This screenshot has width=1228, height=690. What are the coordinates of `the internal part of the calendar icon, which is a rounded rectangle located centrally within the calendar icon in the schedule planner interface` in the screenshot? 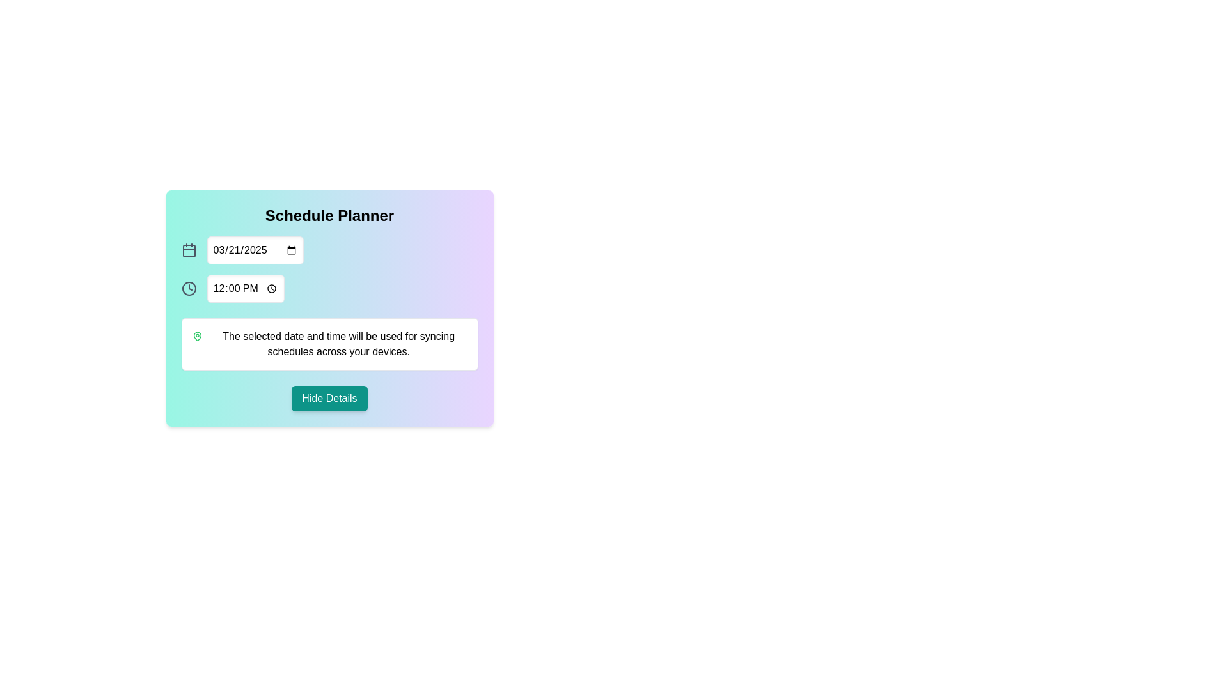 It's located at (188, 251).